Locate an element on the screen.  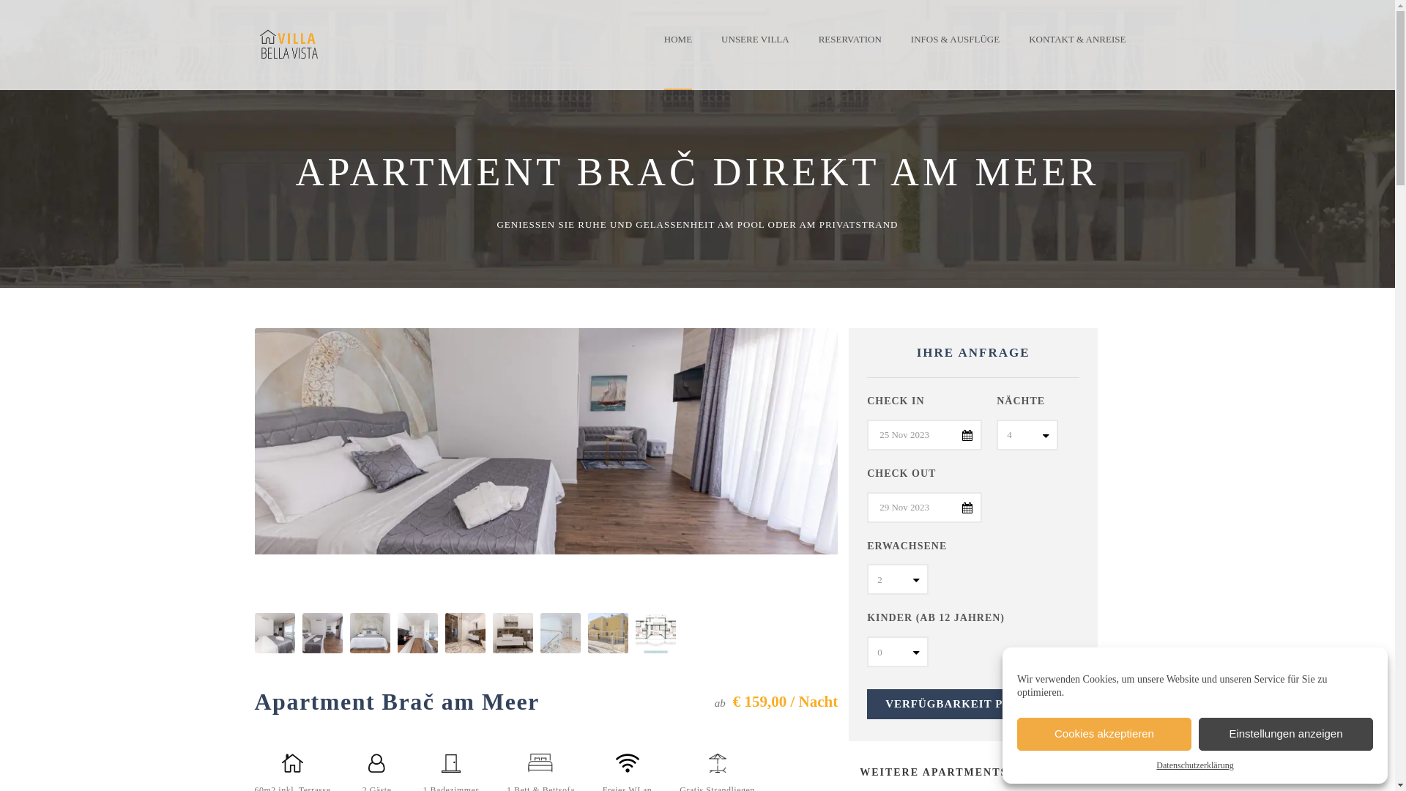
'HOME' is located at coordinates (685, 50).